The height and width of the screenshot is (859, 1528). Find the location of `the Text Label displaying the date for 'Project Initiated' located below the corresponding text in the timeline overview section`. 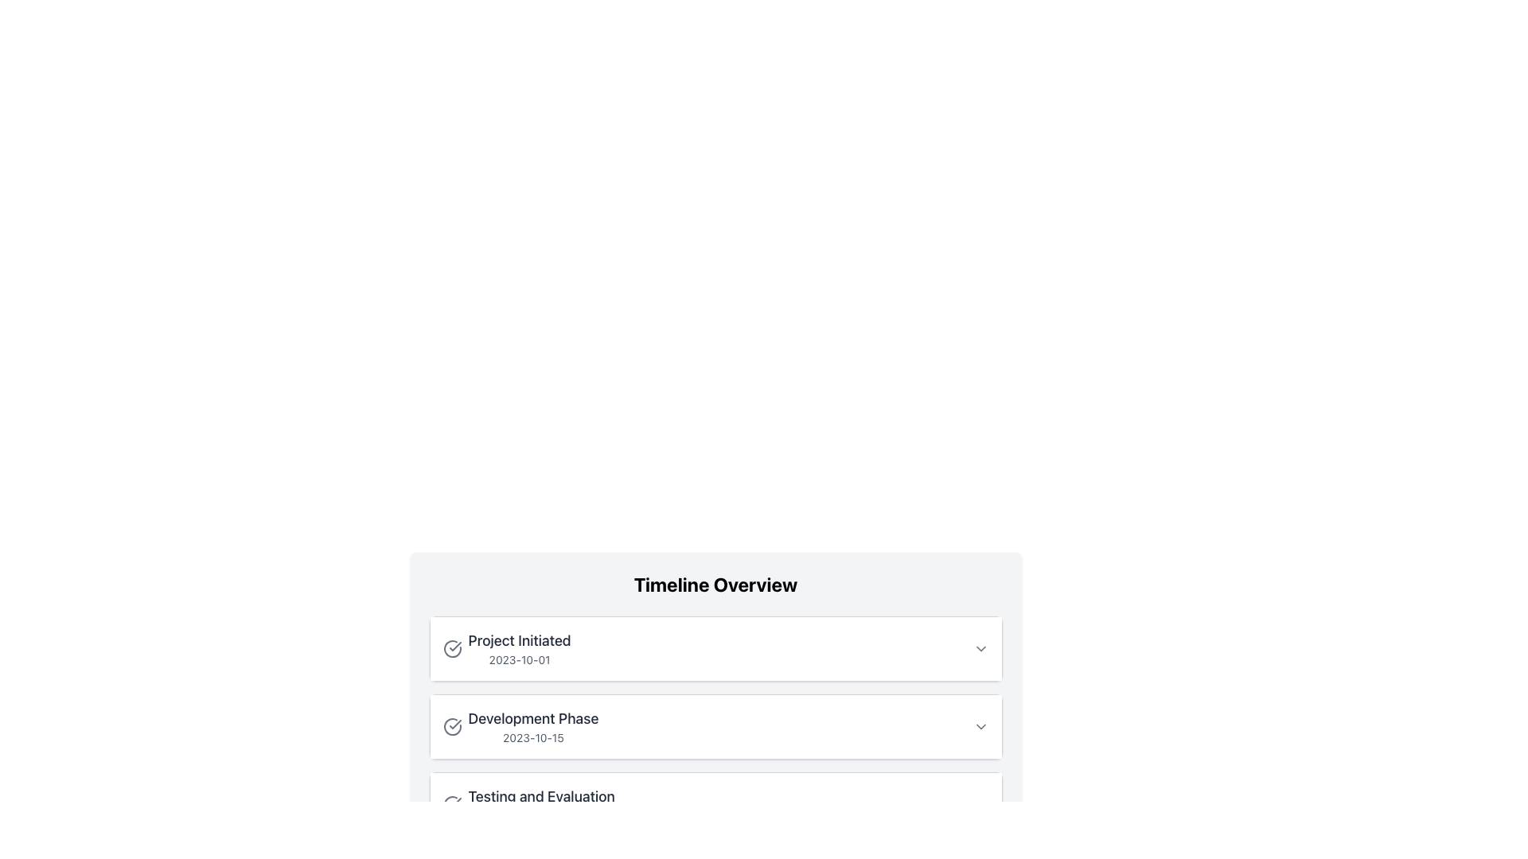

the Text Label displaying the date for 'Project Initiated' located below the corresponding text in the timeline overview section is located at coordinates (519, 659).